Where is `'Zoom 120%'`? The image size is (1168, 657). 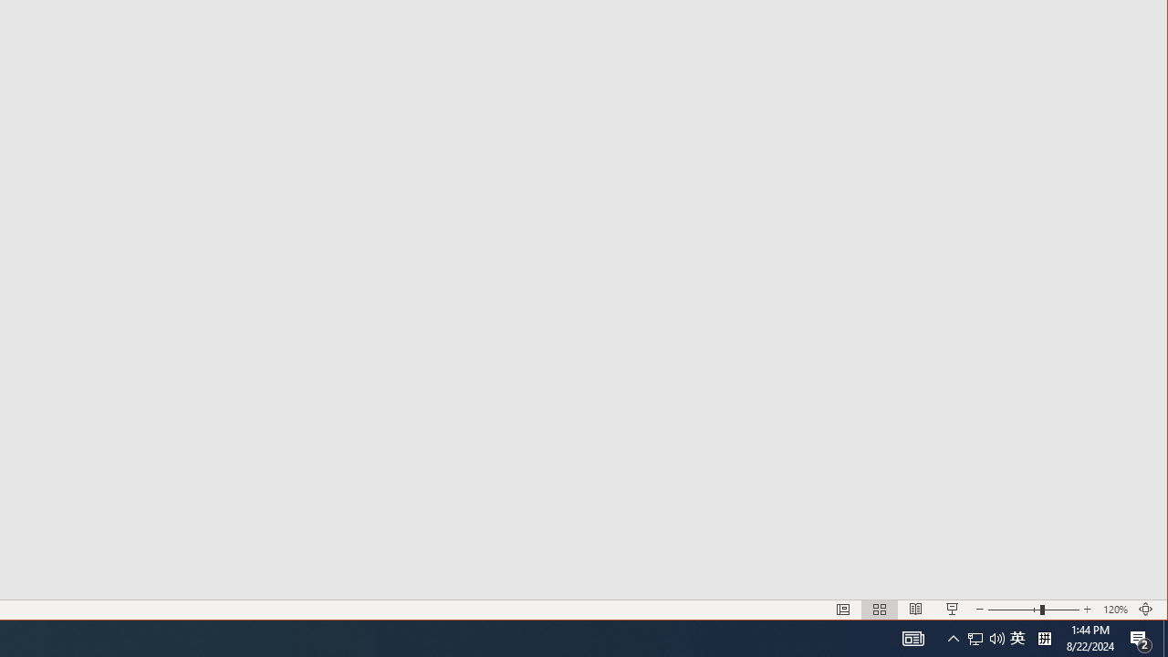 'Zoom 120%' is located at coordinates (1114, 610).